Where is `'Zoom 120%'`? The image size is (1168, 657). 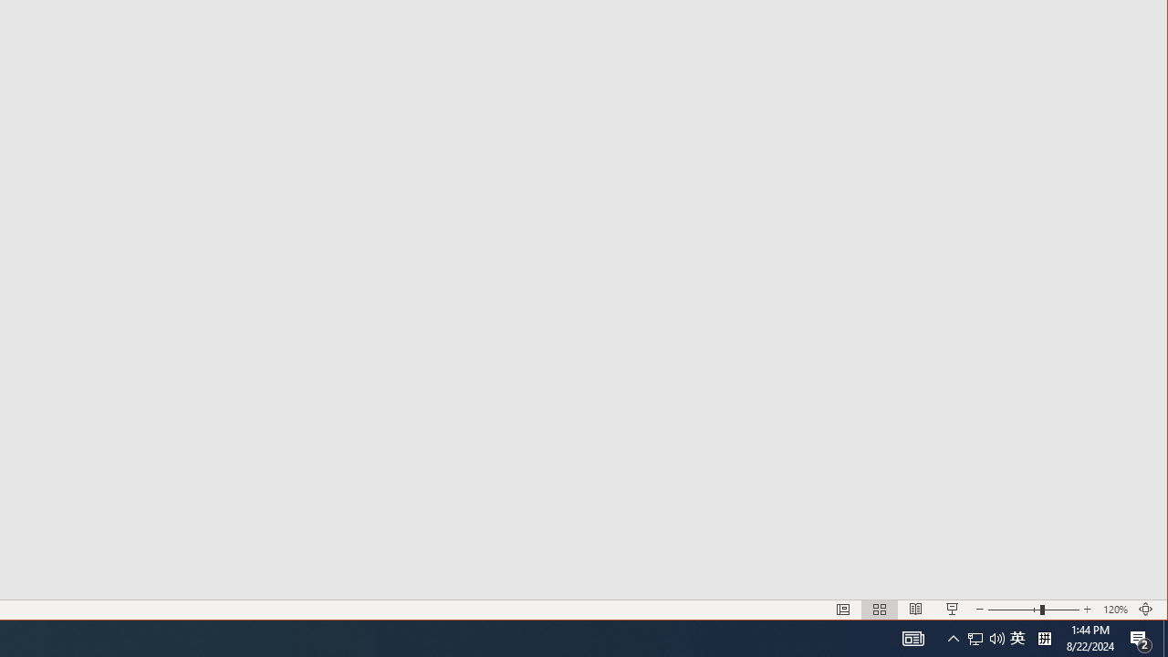 'Zoom 120%' is located at coordinates (1114, 610).